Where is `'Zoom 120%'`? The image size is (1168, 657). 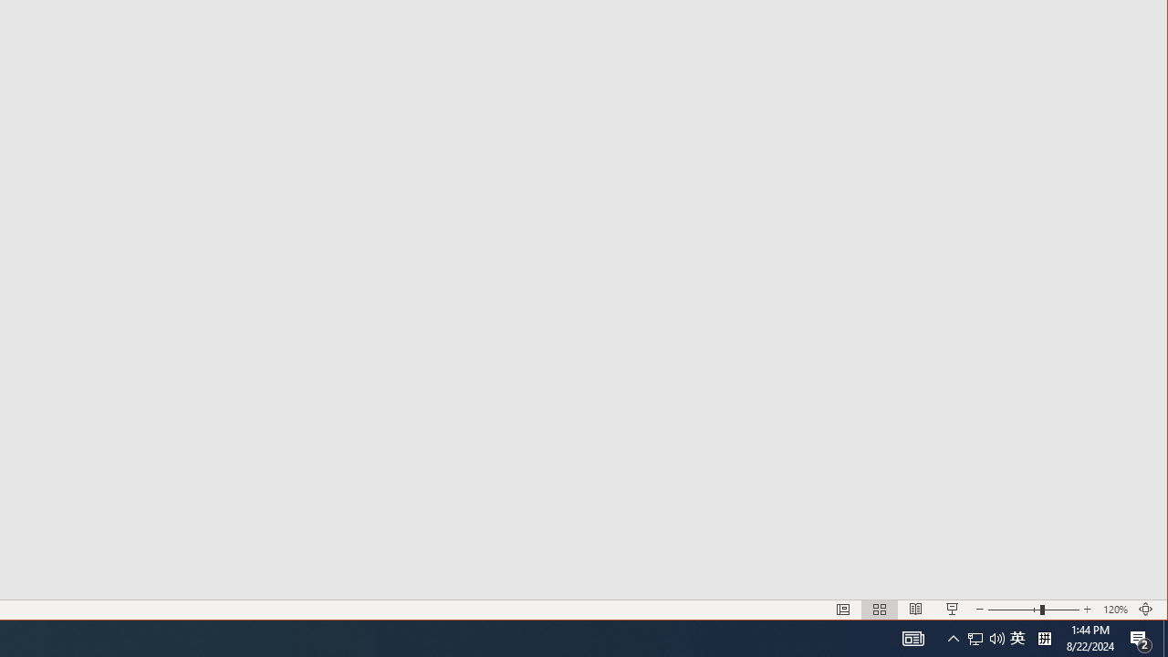 'Zoom 120%' is located at coordinates (1114, 610).